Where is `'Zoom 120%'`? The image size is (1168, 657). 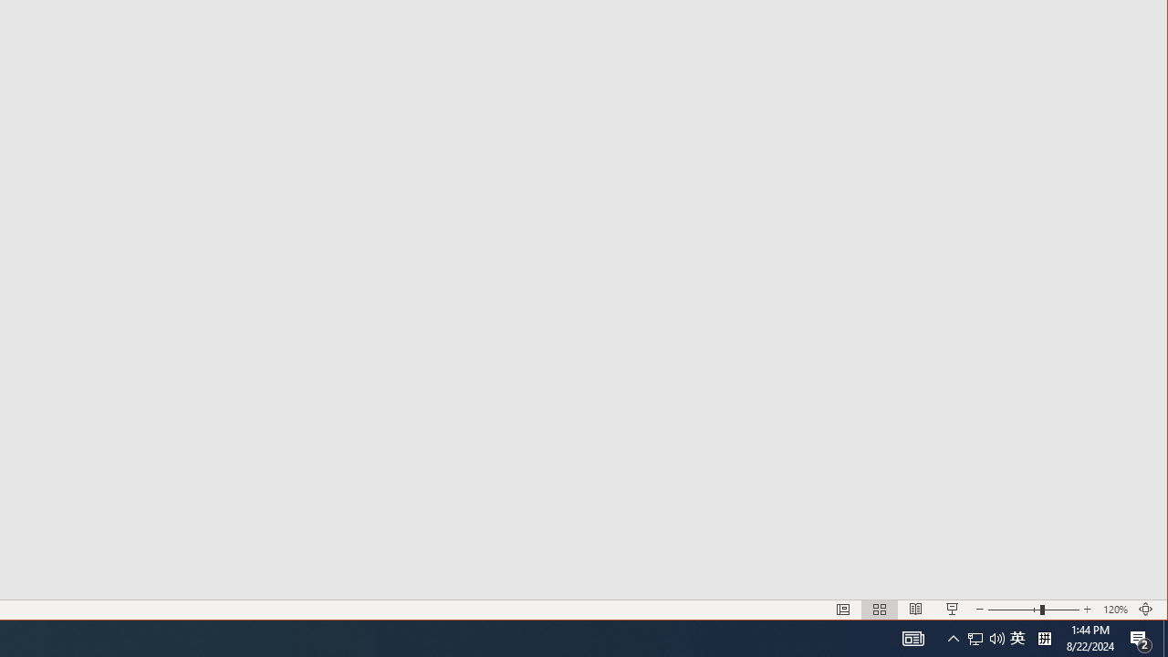 'Zoom 120%' is located at coordinates (1114, 610).